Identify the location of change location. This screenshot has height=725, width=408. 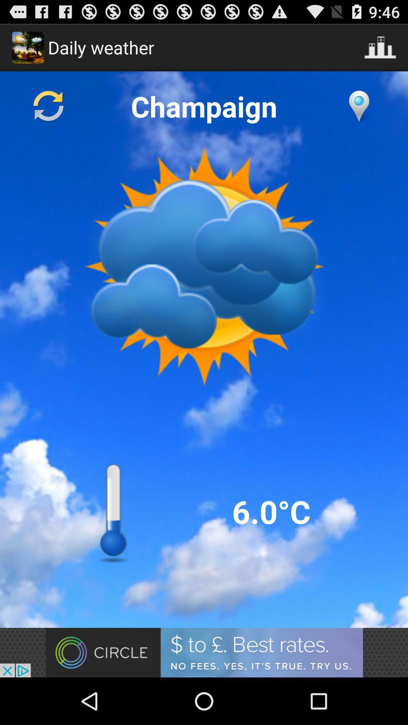
(359, 106).